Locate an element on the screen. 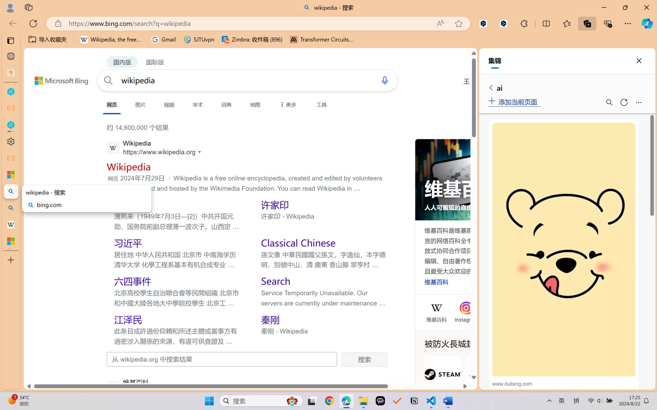  'SJTUvpn' is located at coordinates (199, 39).